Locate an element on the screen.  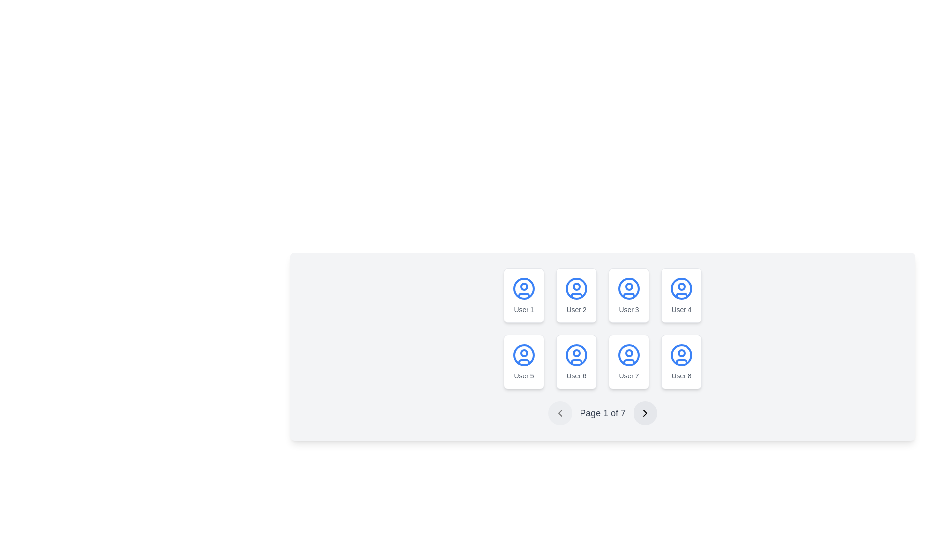
the circular button with a gray background and a right-pointing black chevron to go to the next page in the pagination controls is located at coordinates (645, 413).